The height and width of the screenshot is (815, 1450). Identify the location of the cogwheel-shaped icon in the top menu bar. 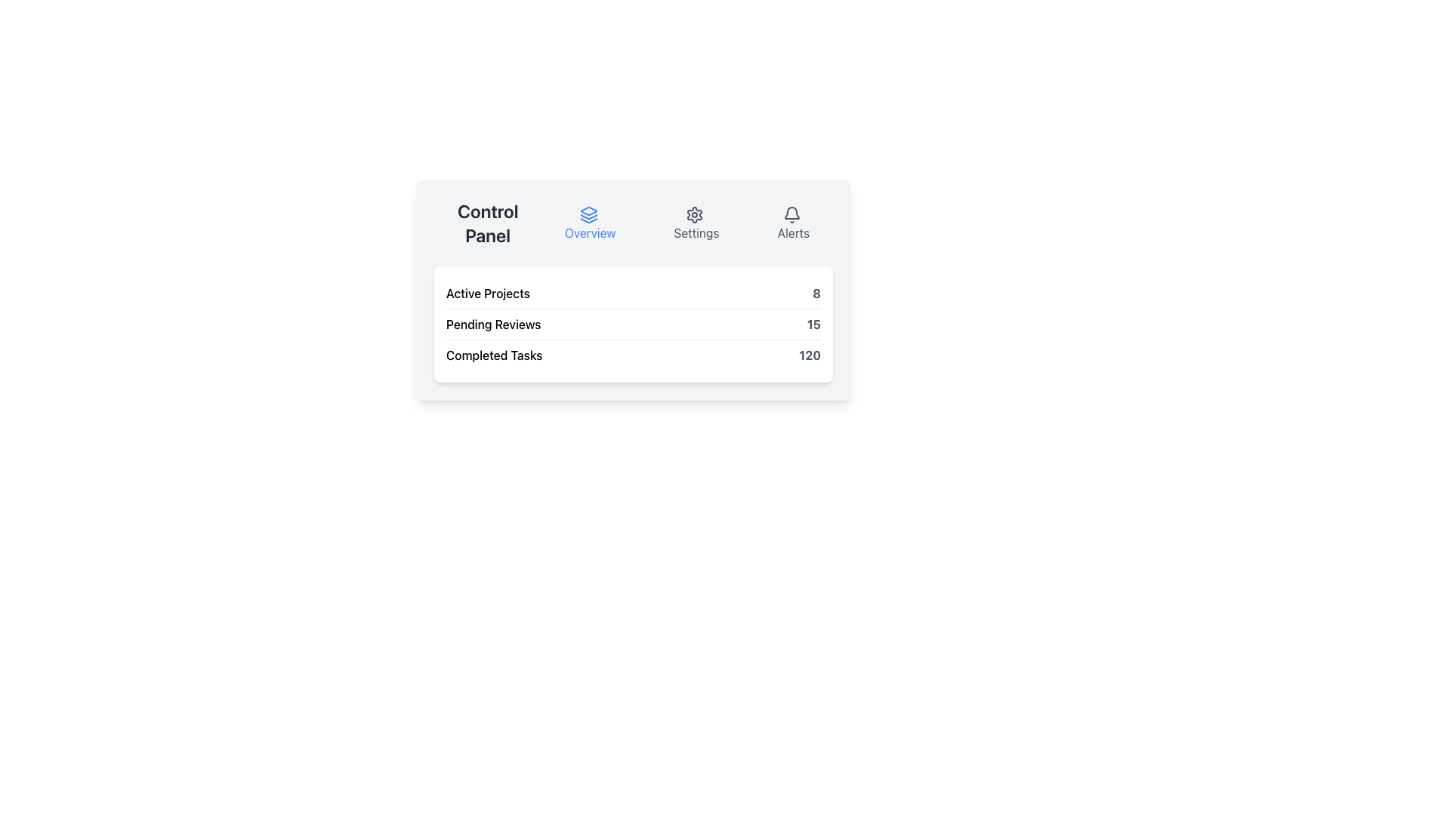
(694, 214).